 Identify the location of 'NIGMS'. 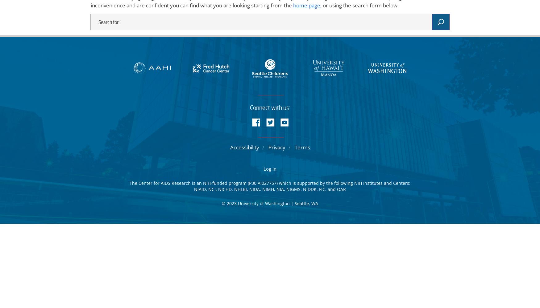
(293, 188).